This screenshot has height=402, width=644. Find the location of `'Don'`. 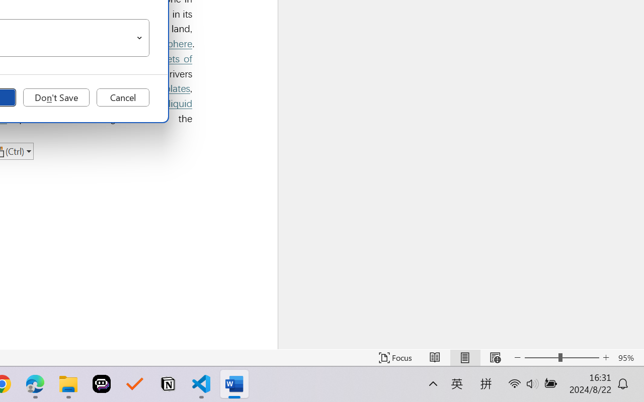

'Don' is located at coordinates (56, 97).